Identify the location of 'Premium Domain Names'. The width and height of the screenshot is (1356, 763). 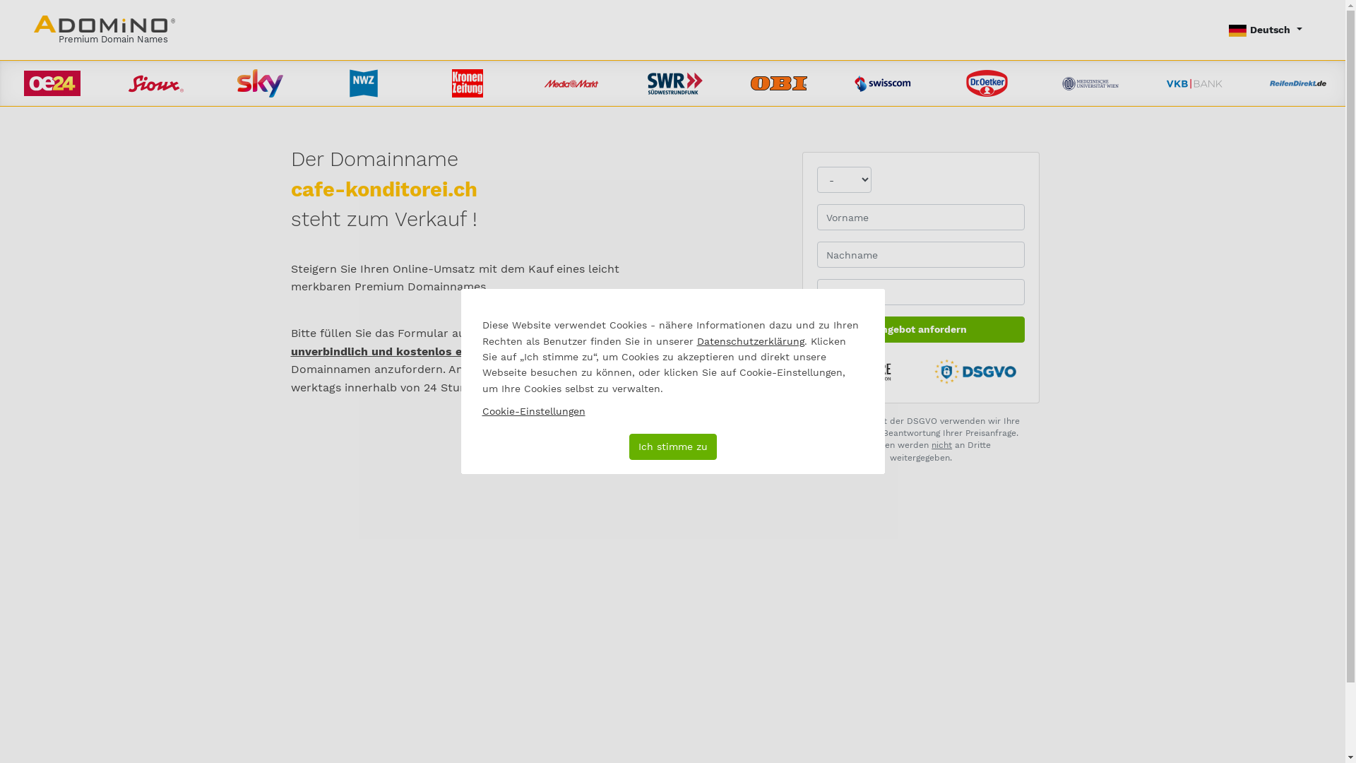
(34, 30).